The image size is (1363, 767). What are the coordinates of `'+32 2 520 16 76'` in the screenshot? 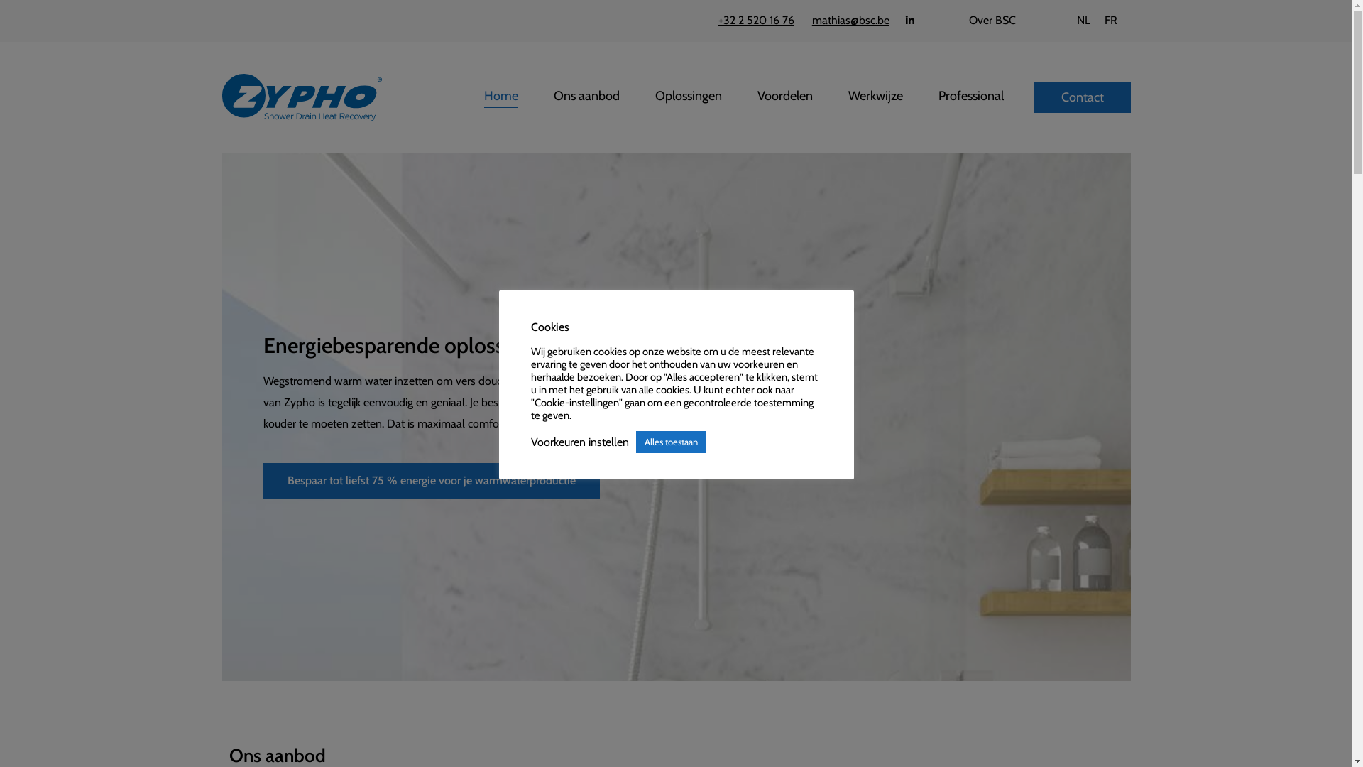 It's located at (755, 21).